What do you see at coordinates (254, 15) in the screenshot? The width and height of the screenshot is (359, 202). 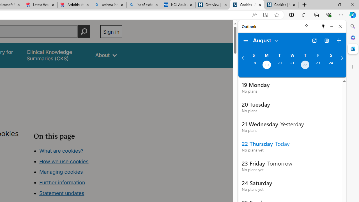 I see `'Read aloud this page (Ctrl+Shift+U)'` at bounding box center [254, 15].